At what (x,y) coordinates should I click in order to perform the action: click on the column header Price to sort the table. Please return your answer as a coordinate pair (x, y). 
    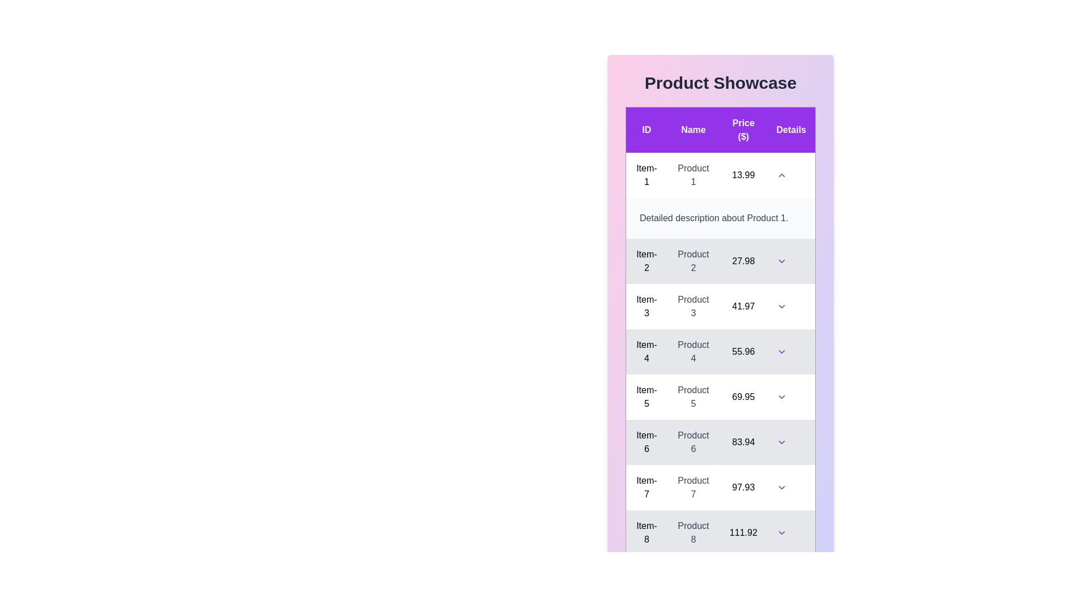
    Looking at the image, I should click on (743, 129).